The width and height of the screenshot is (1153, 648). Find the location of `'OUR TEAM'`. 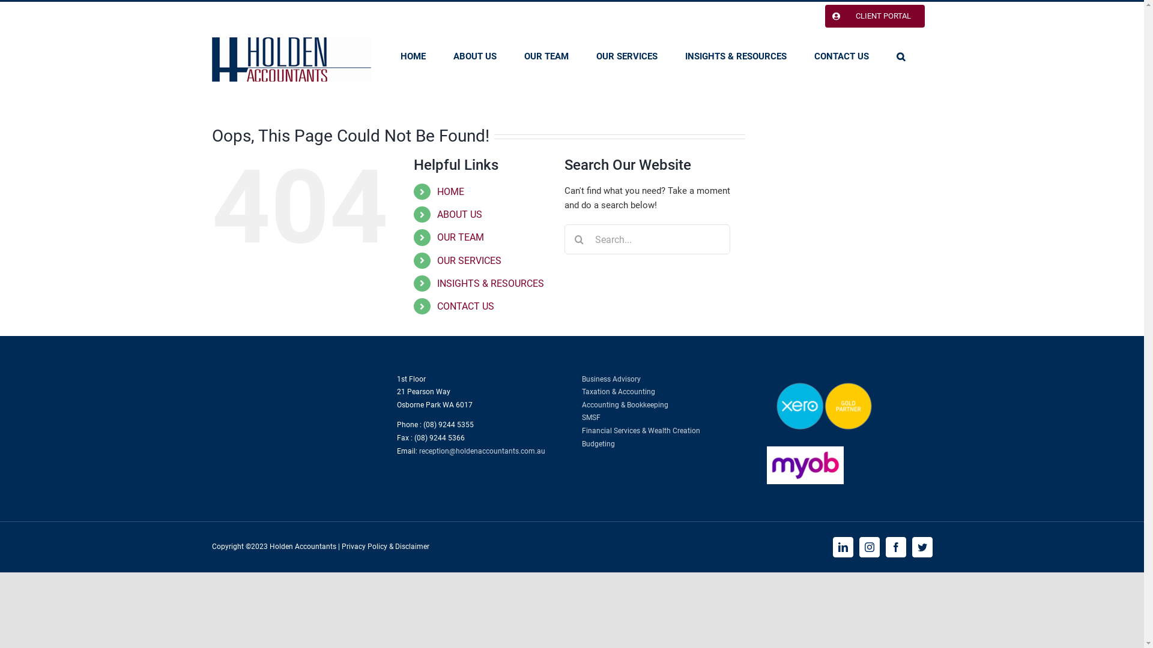

'OUR TEAM' is located at coordinates (545, 56).